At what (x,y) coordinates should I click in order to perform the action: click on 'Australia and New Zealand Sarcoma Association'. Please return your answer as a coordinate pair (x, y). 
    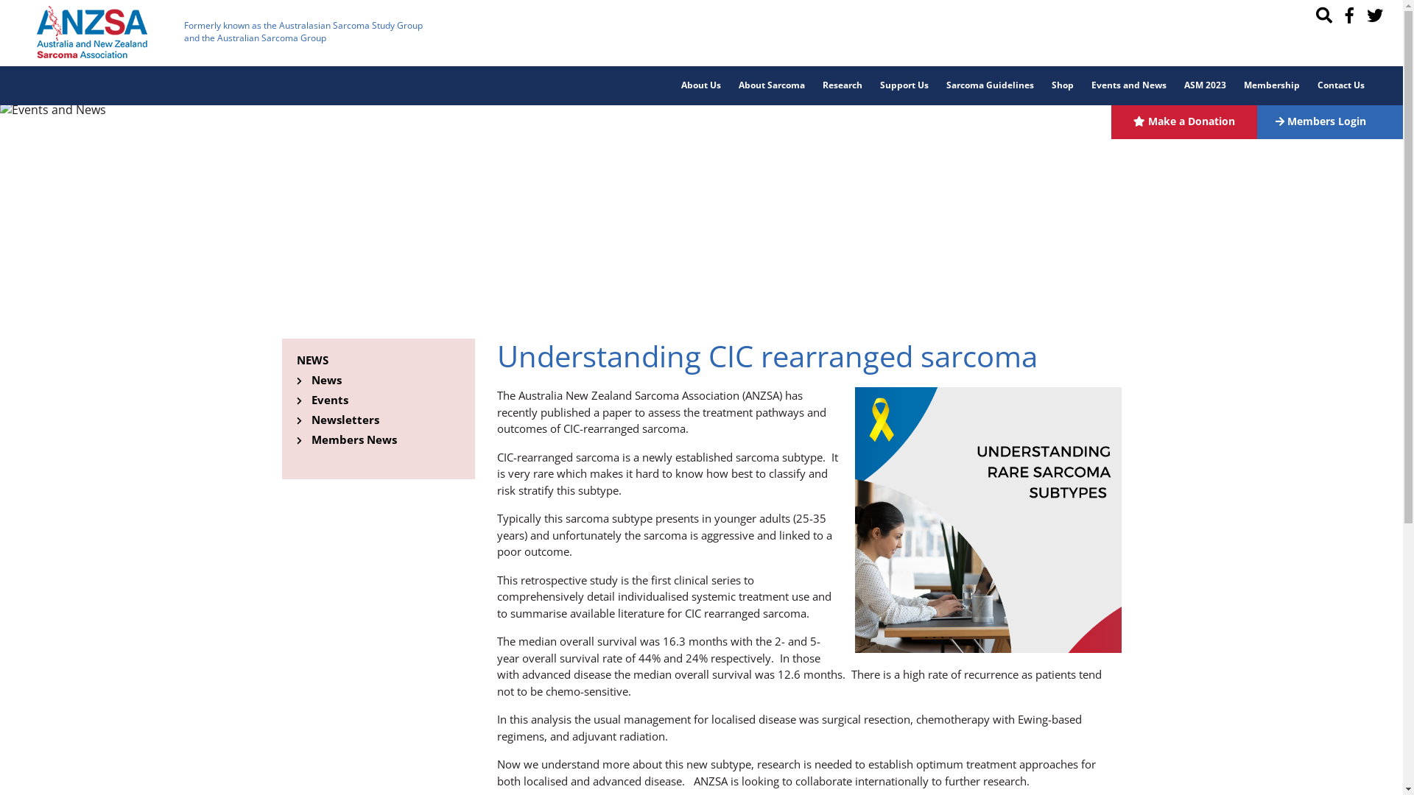
    Looking at the image, I should click on (91, 32).